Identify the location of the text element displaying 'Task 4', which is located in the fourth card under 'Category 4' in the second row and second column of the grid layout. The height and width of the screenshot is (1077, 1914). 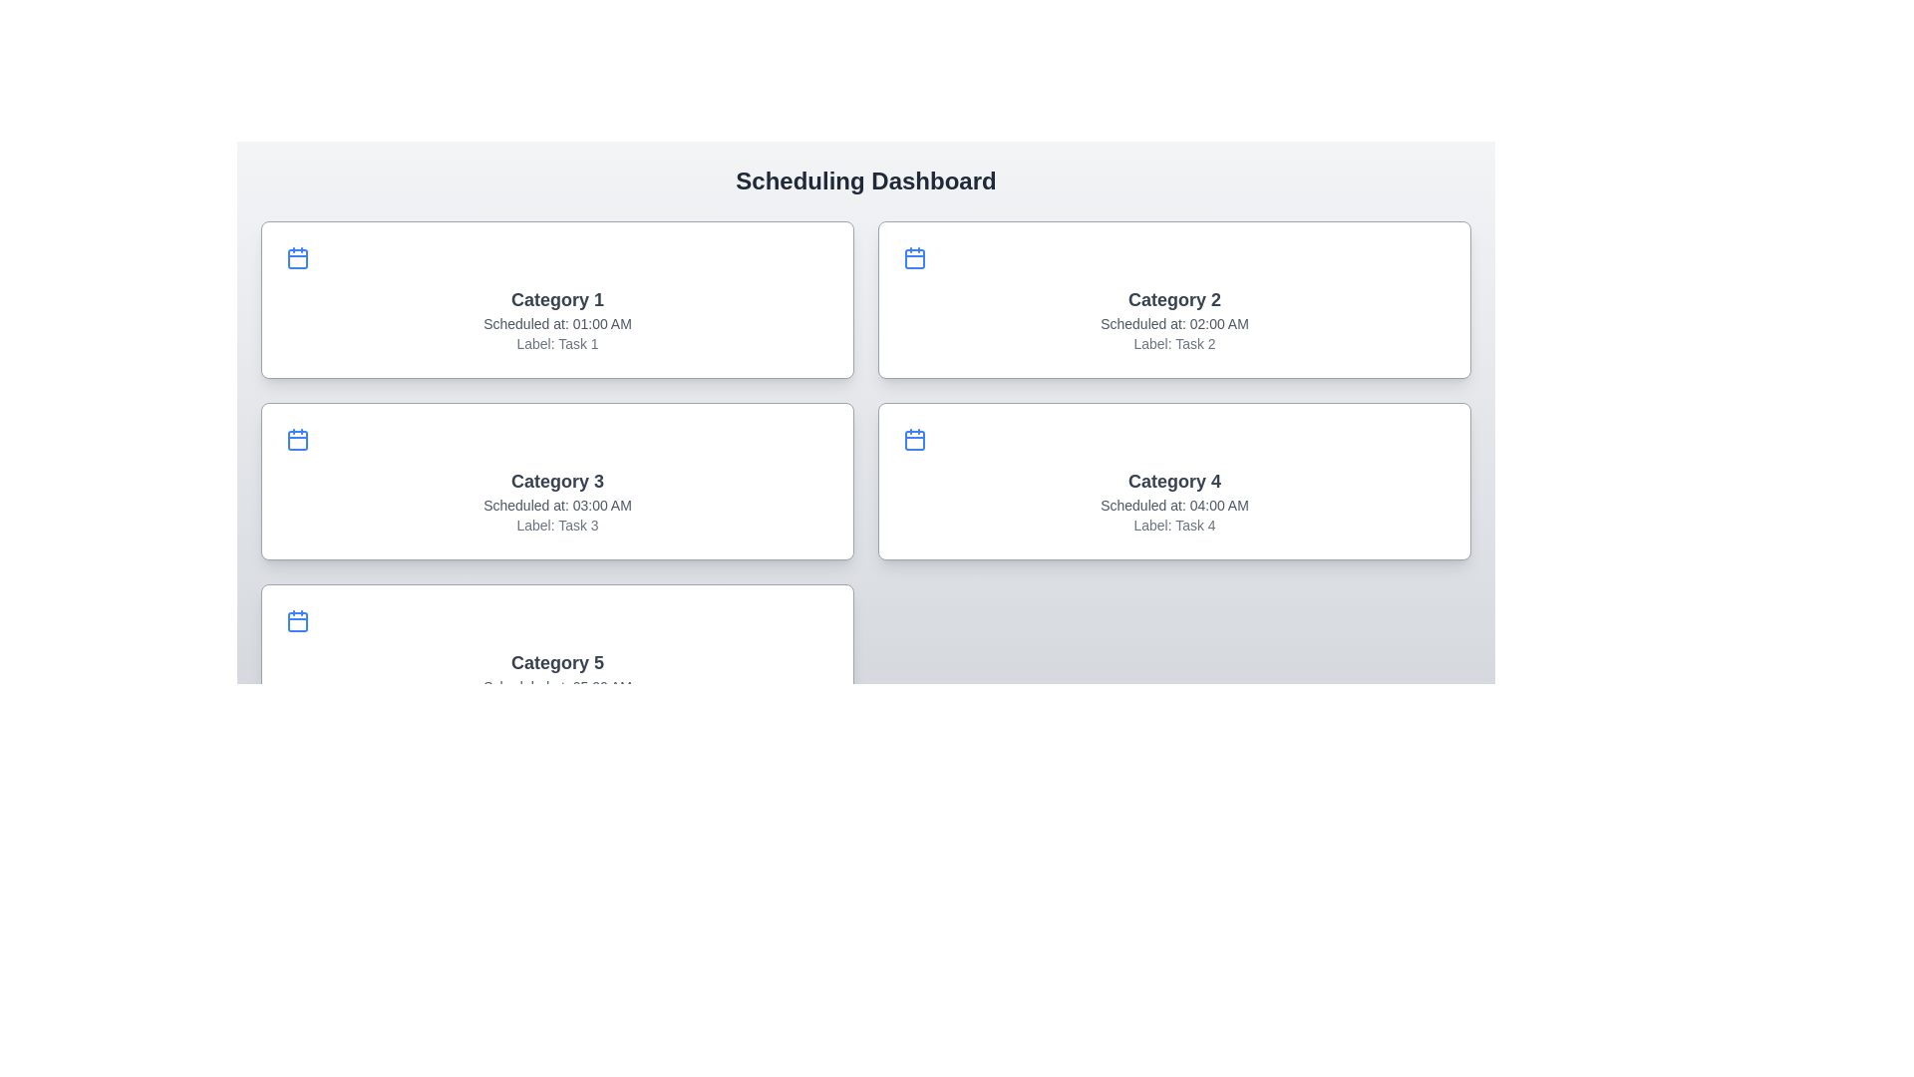
(1174, 525).